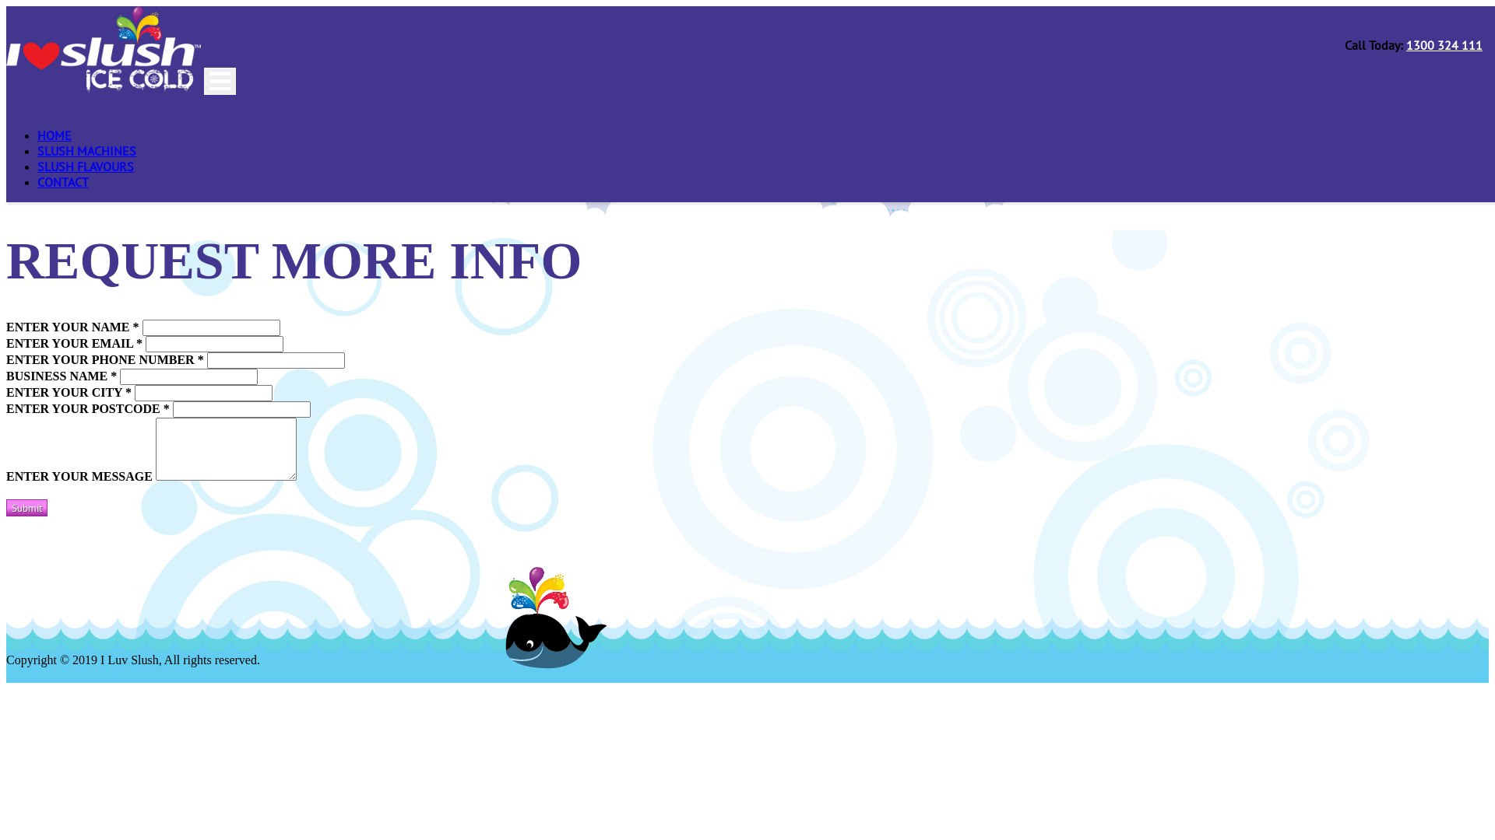 The image size is (1495, 840). I want to click on 'HOME', so click(55, 134).